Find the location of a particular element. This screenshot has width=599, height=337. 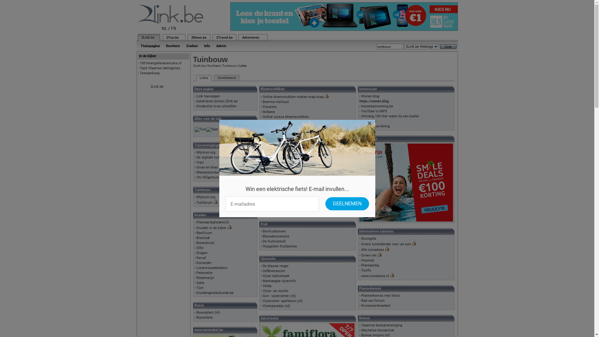

'Groen.net' is located at coordinates (369, 255).